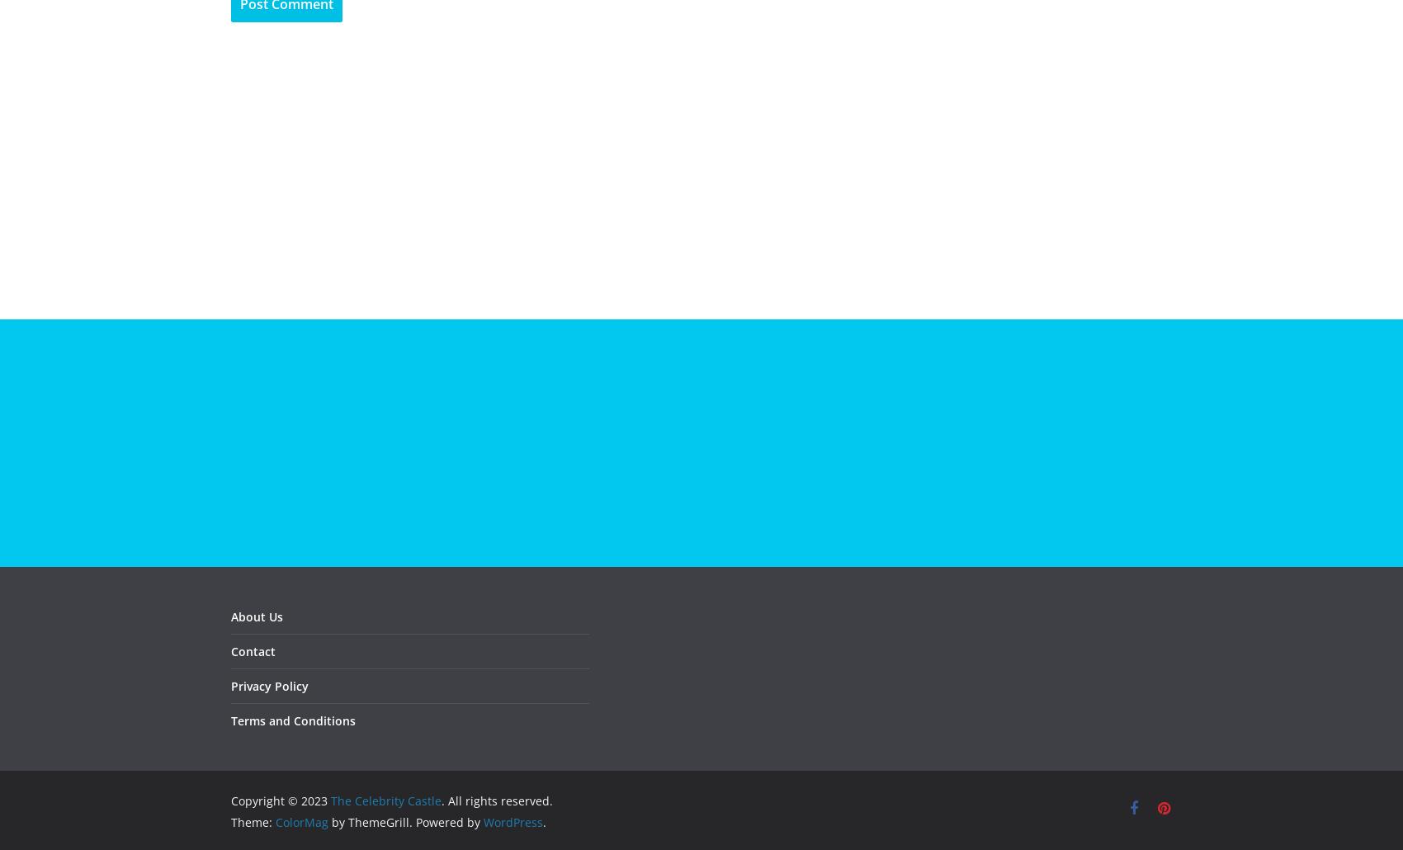 The width and height of the screenshot is (1403, 850). What do you see at coordinates (269, 684) in the screenshot?
I see `'Privacy Policy'` at bounding box center [269, 684].